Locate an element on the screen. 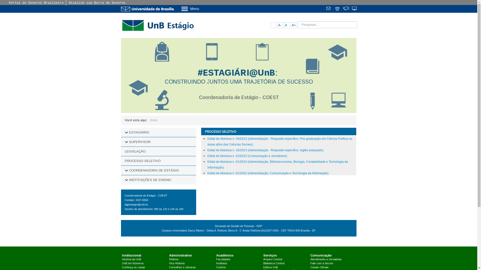 Image resolution: width=481 pixels, height=270 pixels. 'Reitoria' is located at coordinates (174, 259).